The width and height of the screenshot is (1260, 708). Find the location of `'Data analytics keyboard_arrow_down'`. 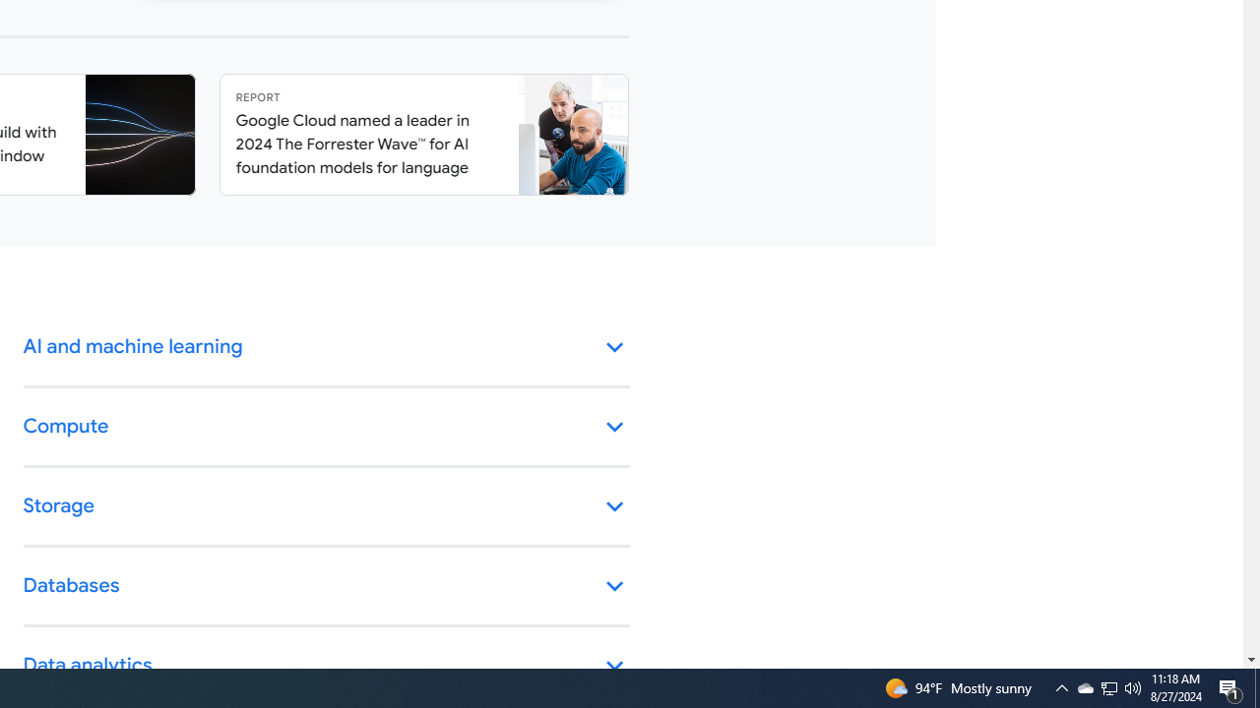

'Data analytics keyboard_arrow_down' is located at coordinates (326, 666).